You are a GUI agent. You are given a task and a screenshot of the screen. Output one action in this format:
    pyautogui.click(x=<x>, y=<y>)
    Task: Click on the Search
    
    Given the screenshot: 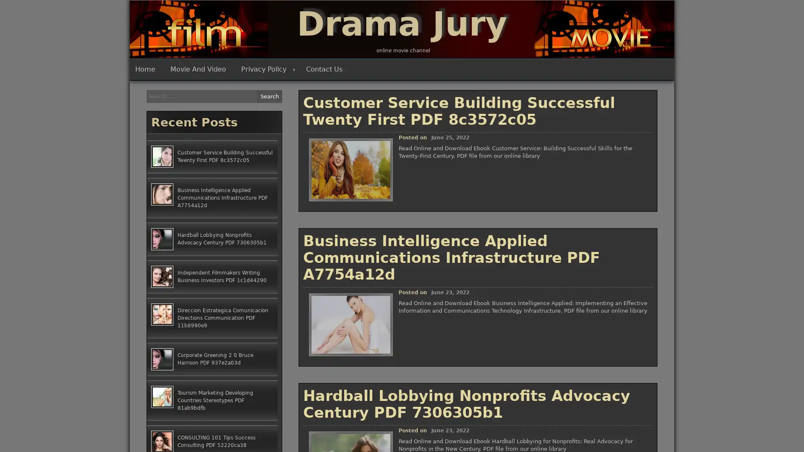 What is the action you would take?
    pyautogui.click(x=269, y=96)
    